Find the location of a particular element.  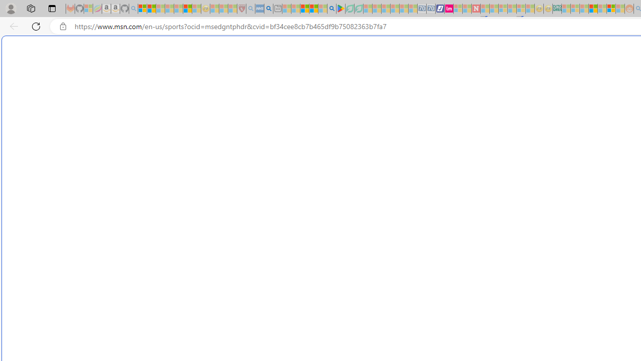

'Jobs - lastminute.com Investor Portal' is located at coordinates (448, 9).